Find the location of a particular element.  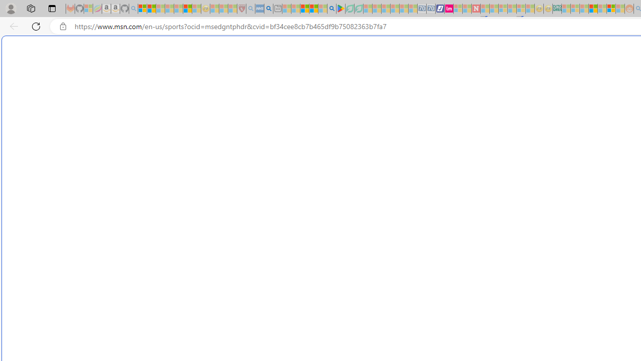

'Jobs - lastminute.com Investor Portal' is located at coordinates (448, 9).